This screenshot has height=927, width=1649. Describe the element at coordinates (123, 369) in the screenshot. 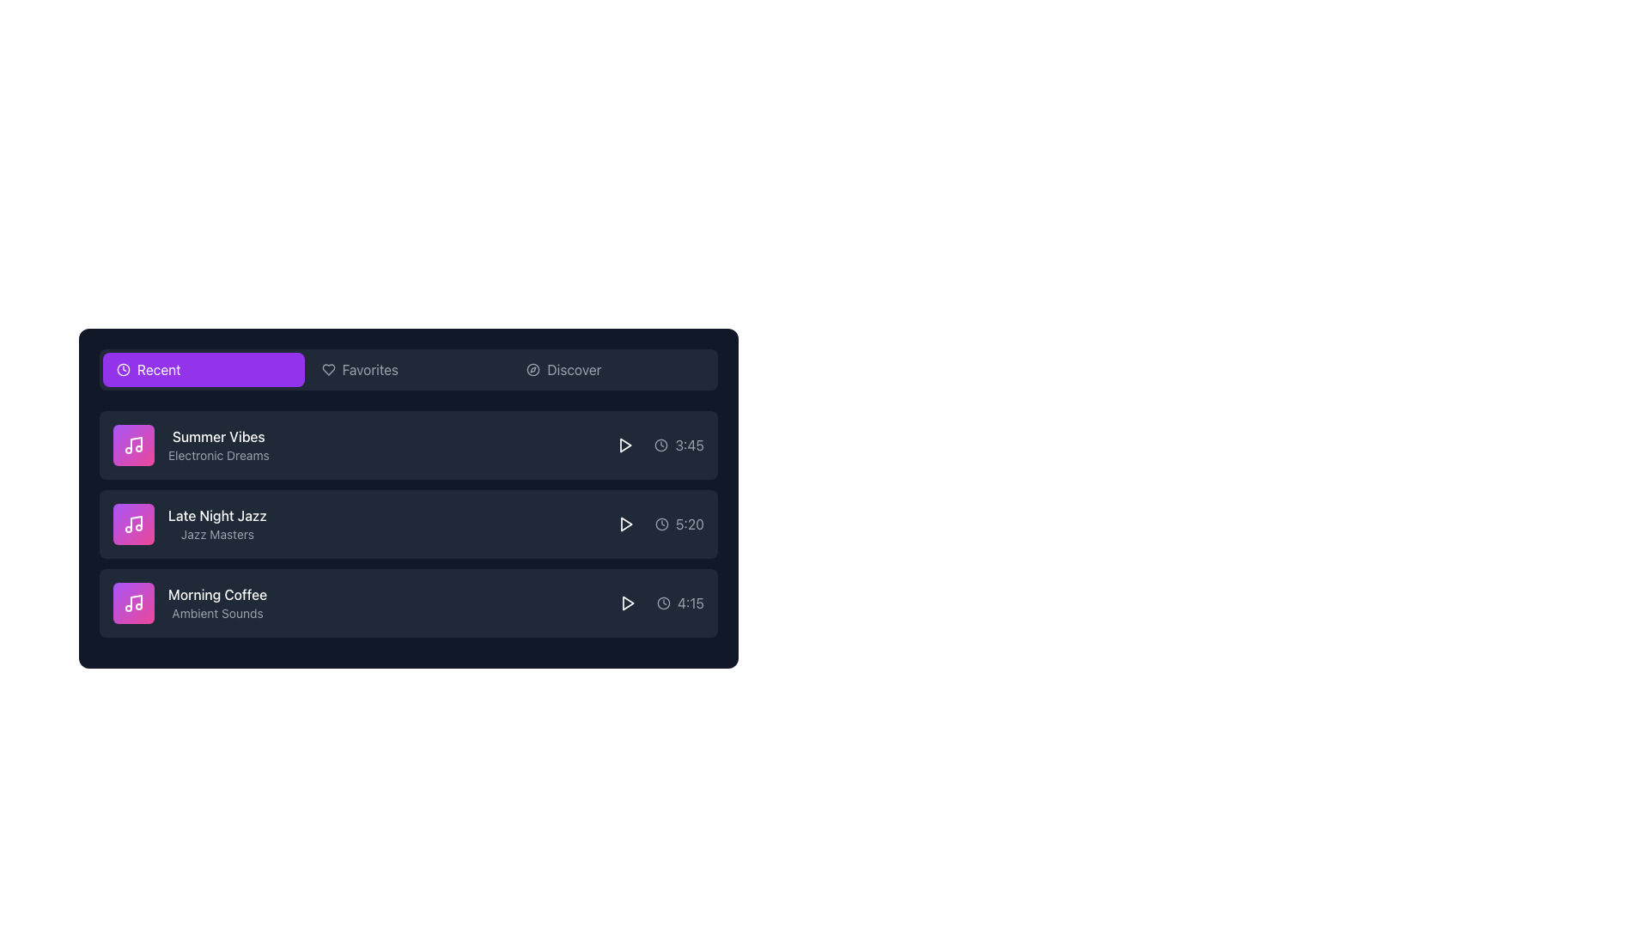

I see `the clock icon located at the top-left corner of the 'Recent' button in the horizontal navigation bar` at that location.